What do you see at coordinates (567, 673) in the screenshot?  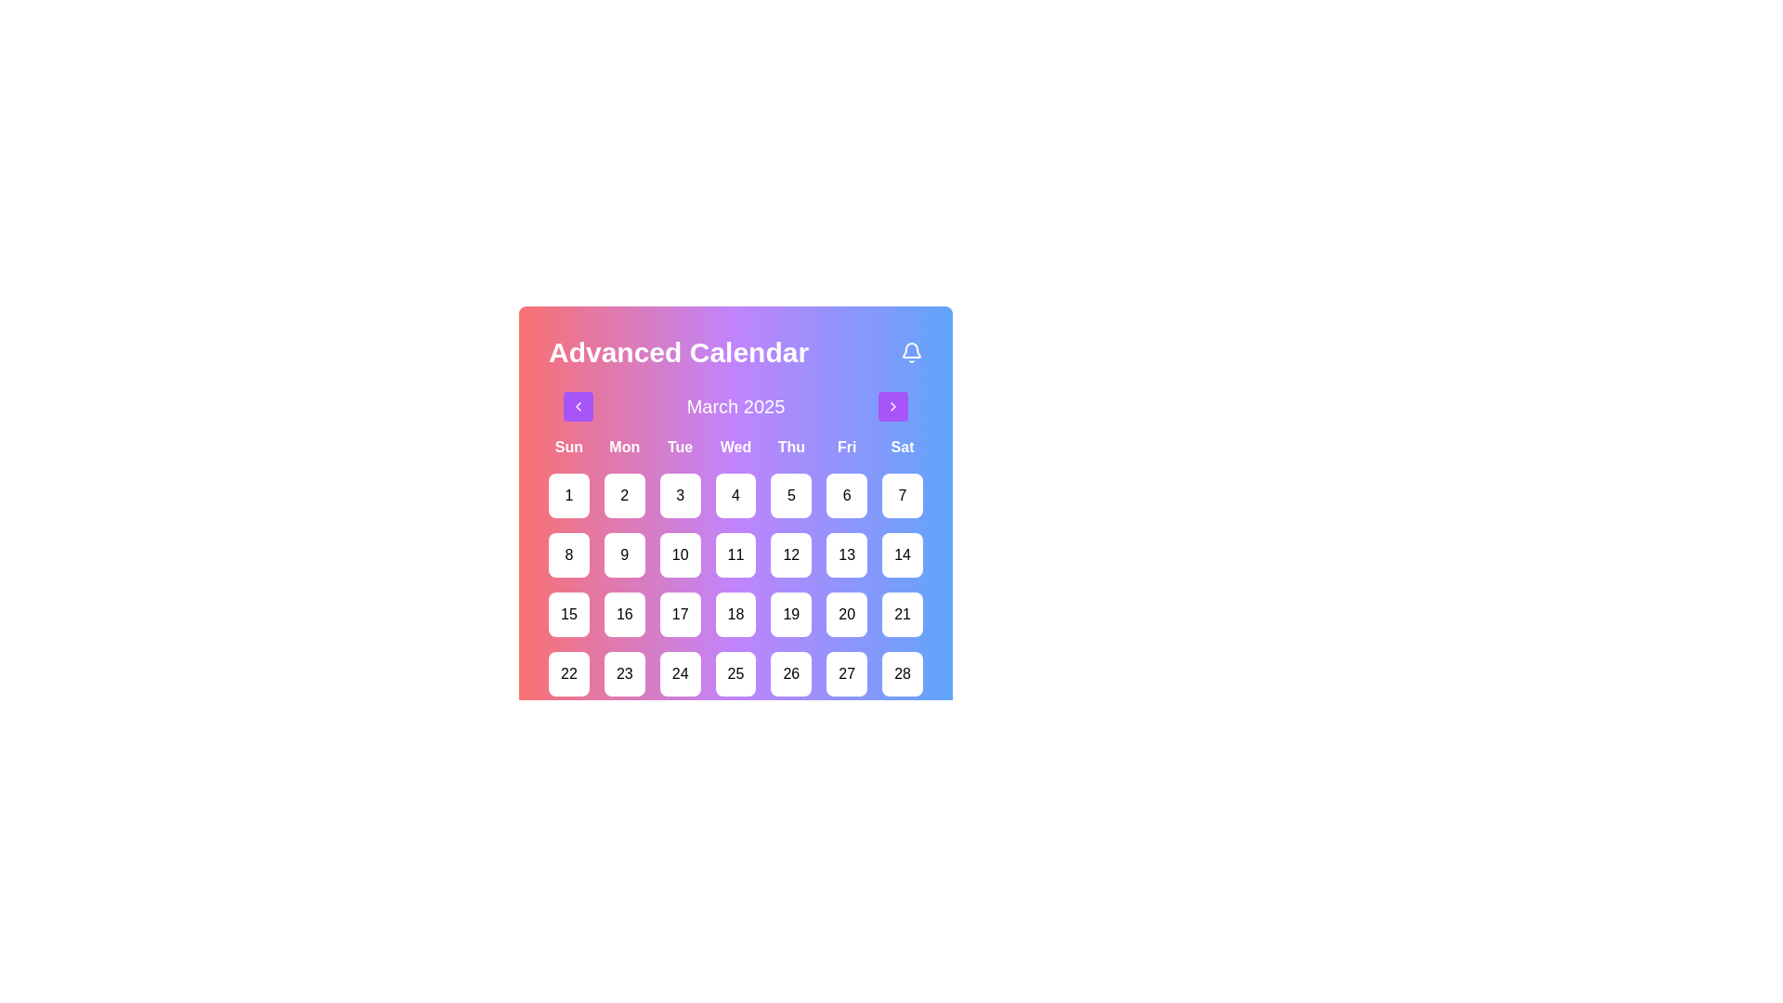 I see `the Button-like text block displaying '22' in the calendar grid for March 2025 for keyboard navigation` at bounding box center [567, 673].